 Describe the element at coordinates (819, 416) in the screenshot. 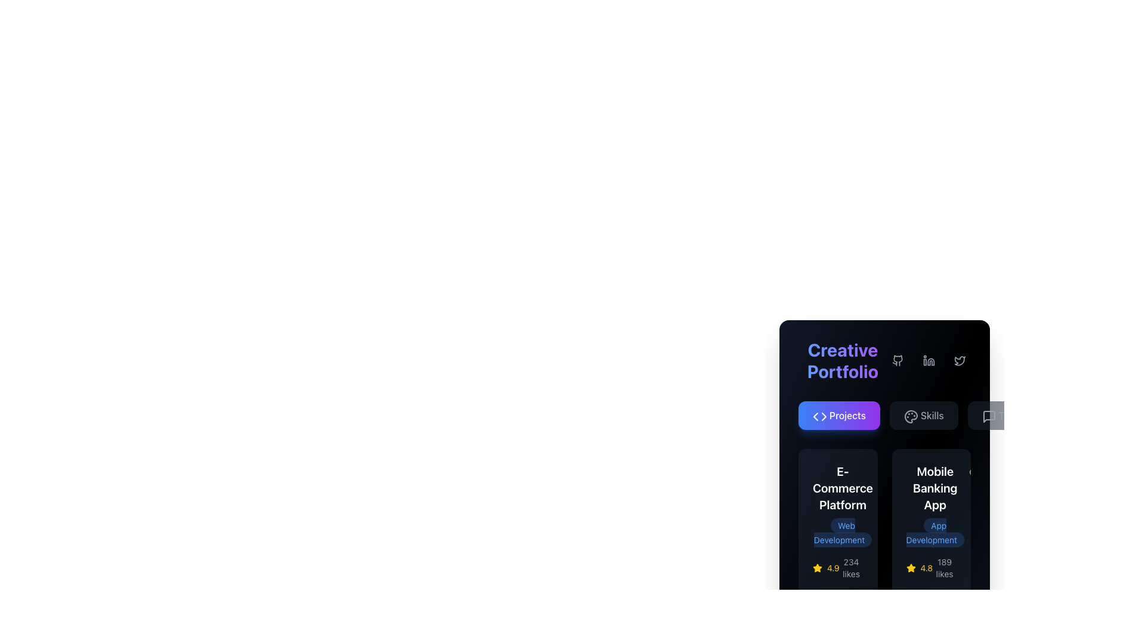

I see `the project icon located within the 'Projects' button in the top-left corner of the card section` at that location.